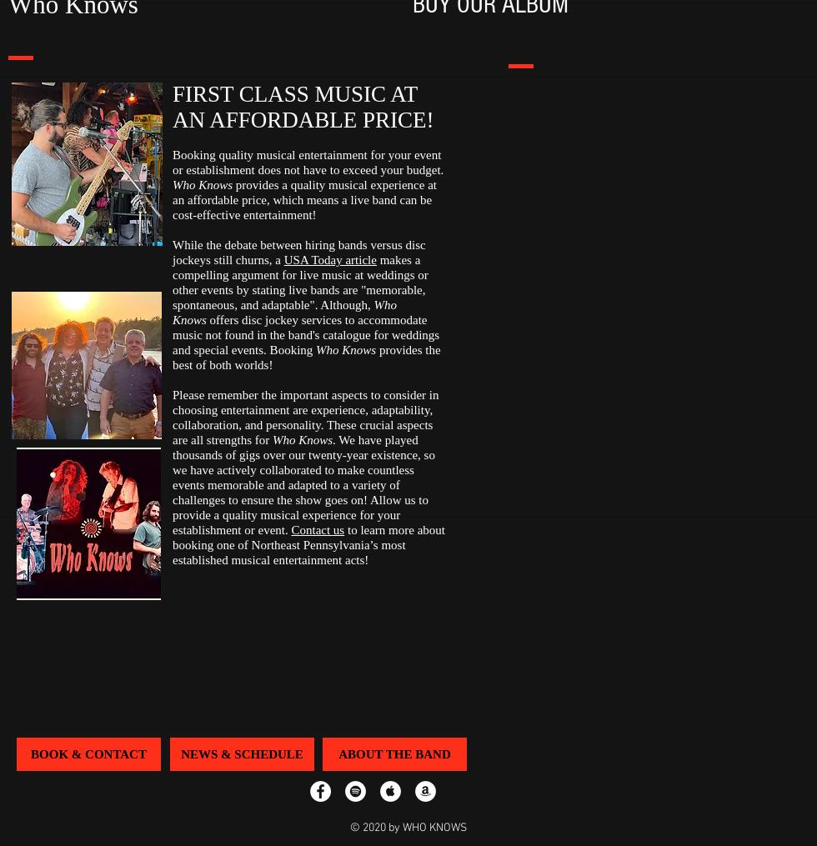  What do you see at coordinates (88, 752) in the screenshot?
I see `'BOOK & CONTACT'` at bounding box center [88, 752].